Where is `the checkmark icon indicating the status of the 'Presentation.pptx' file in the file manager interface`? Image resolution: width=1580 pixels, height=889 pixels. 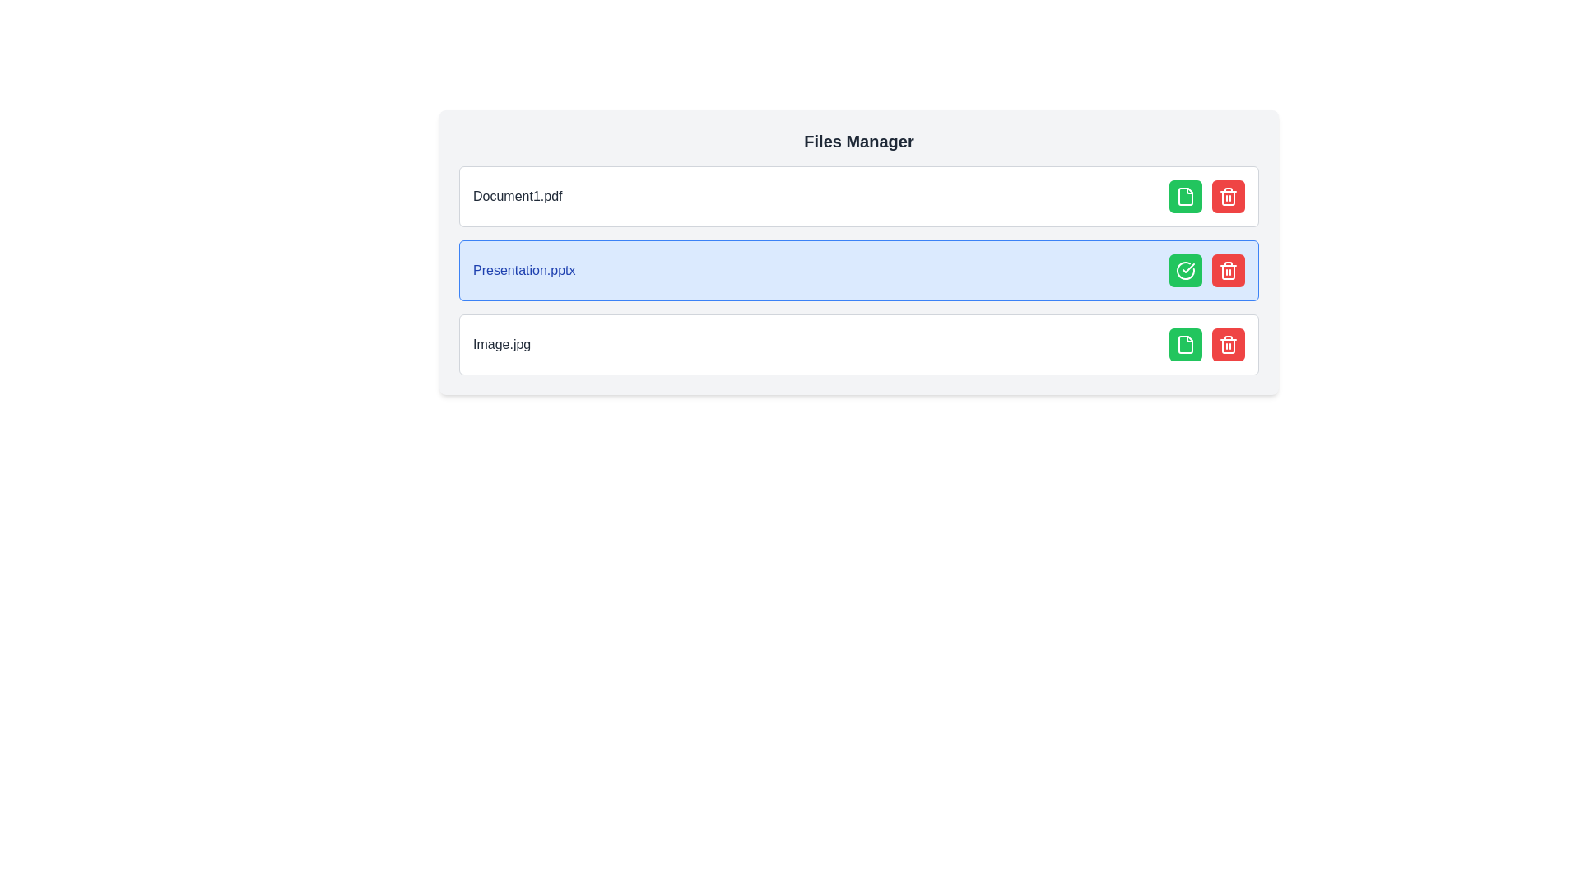 the checkmark icon indicating the status of the 'Presentation.pptx' file in the file manager interface is located at coordinates (1188, 268).